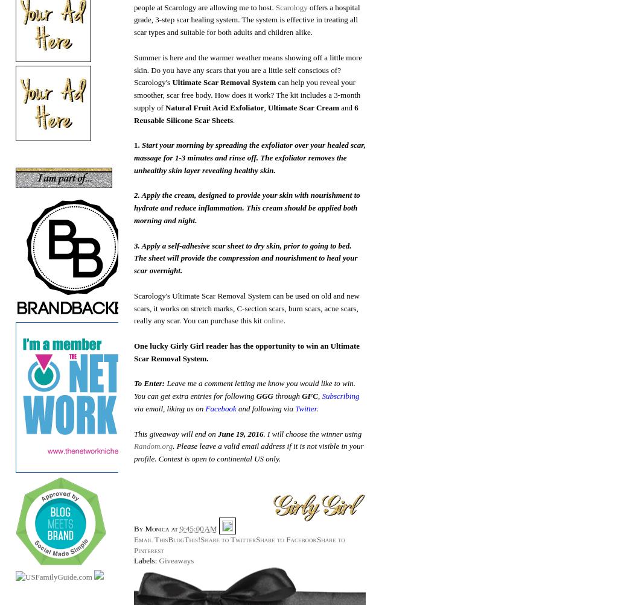  I want to click on 'Summer is here and the warmer weather means showing off a little more skin. Do you have any scars that you are a little self conscious of? Scarology's', so click(247, 69).